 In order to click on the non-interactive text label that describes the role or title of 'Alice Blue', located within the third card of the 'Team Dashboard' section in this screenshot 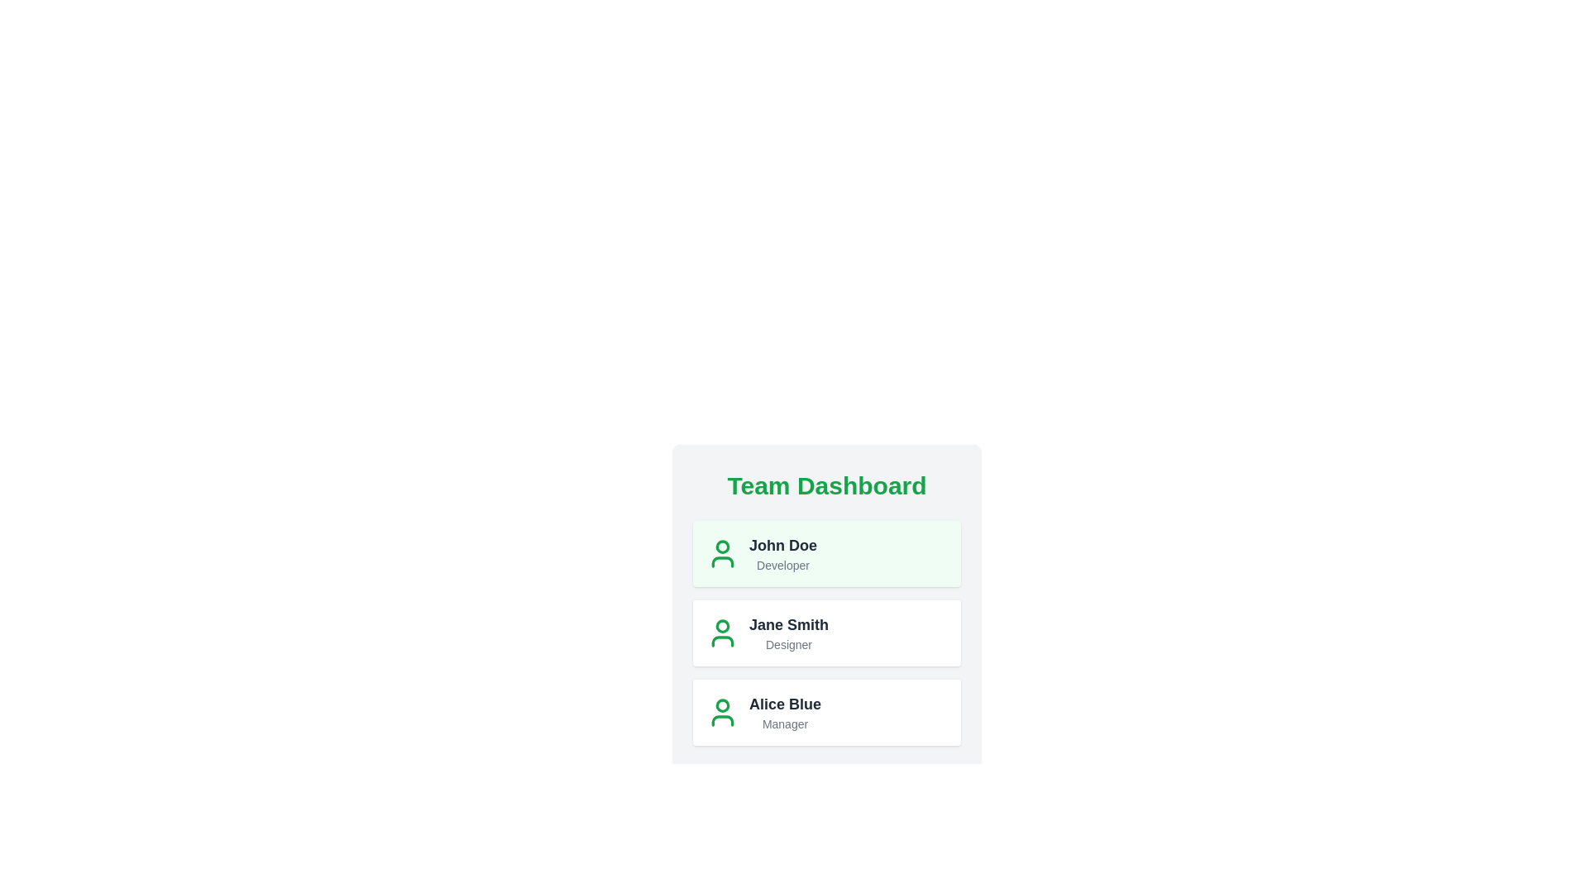, I will do `click(784, 723)`.